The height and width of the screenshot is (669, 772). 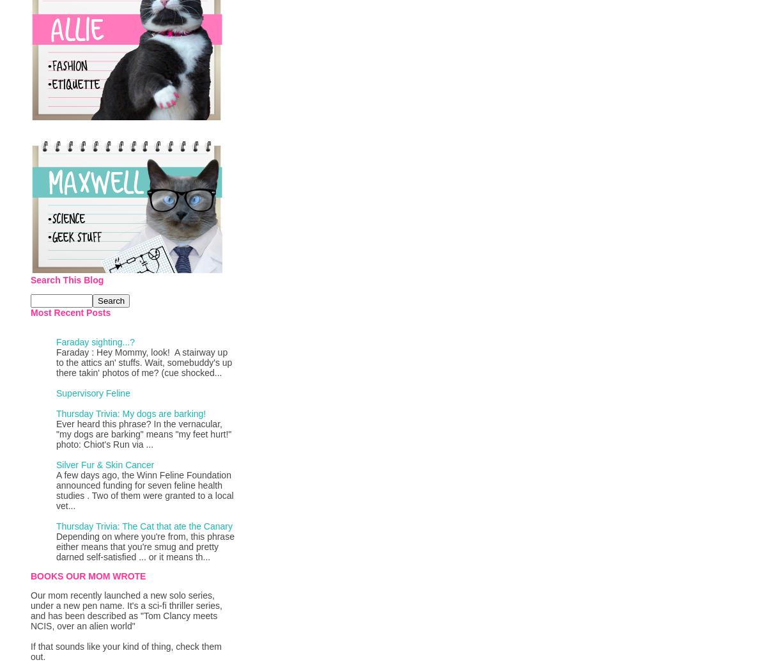 I want to click on 'Supervisory Feline', so click(x=55, y=393).